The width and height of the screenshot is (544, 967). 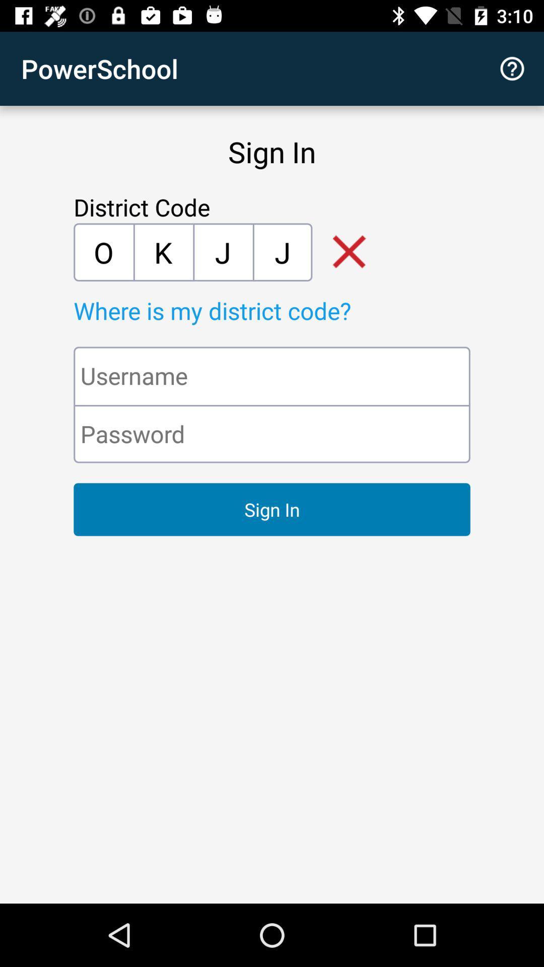 I want to click on username log in, so click(x=272, y=375).